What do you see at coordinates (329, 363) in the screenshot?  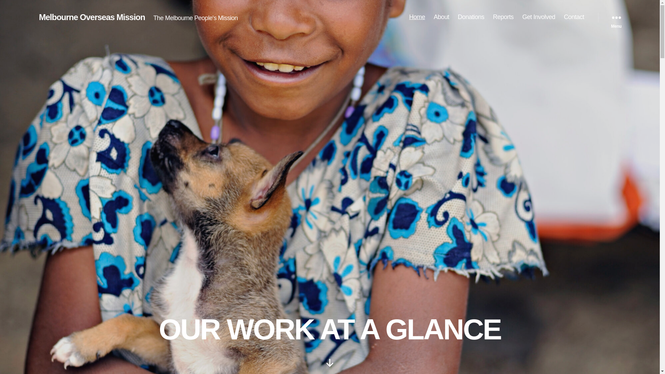 I see `'Scroll Down'` at bounding box center [329, 363].